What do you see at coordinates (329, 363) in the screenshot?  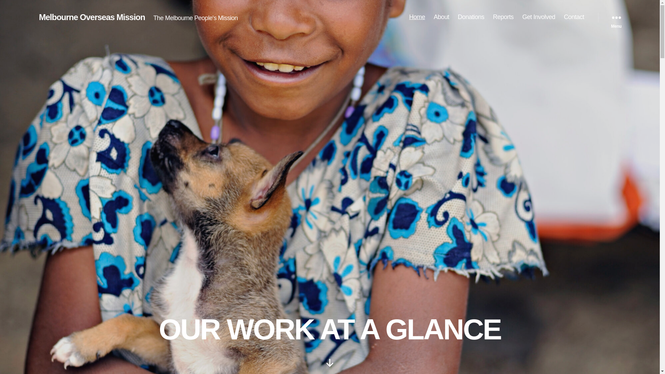 I see `'Scroll Down'` at bounding box center [329, 363].